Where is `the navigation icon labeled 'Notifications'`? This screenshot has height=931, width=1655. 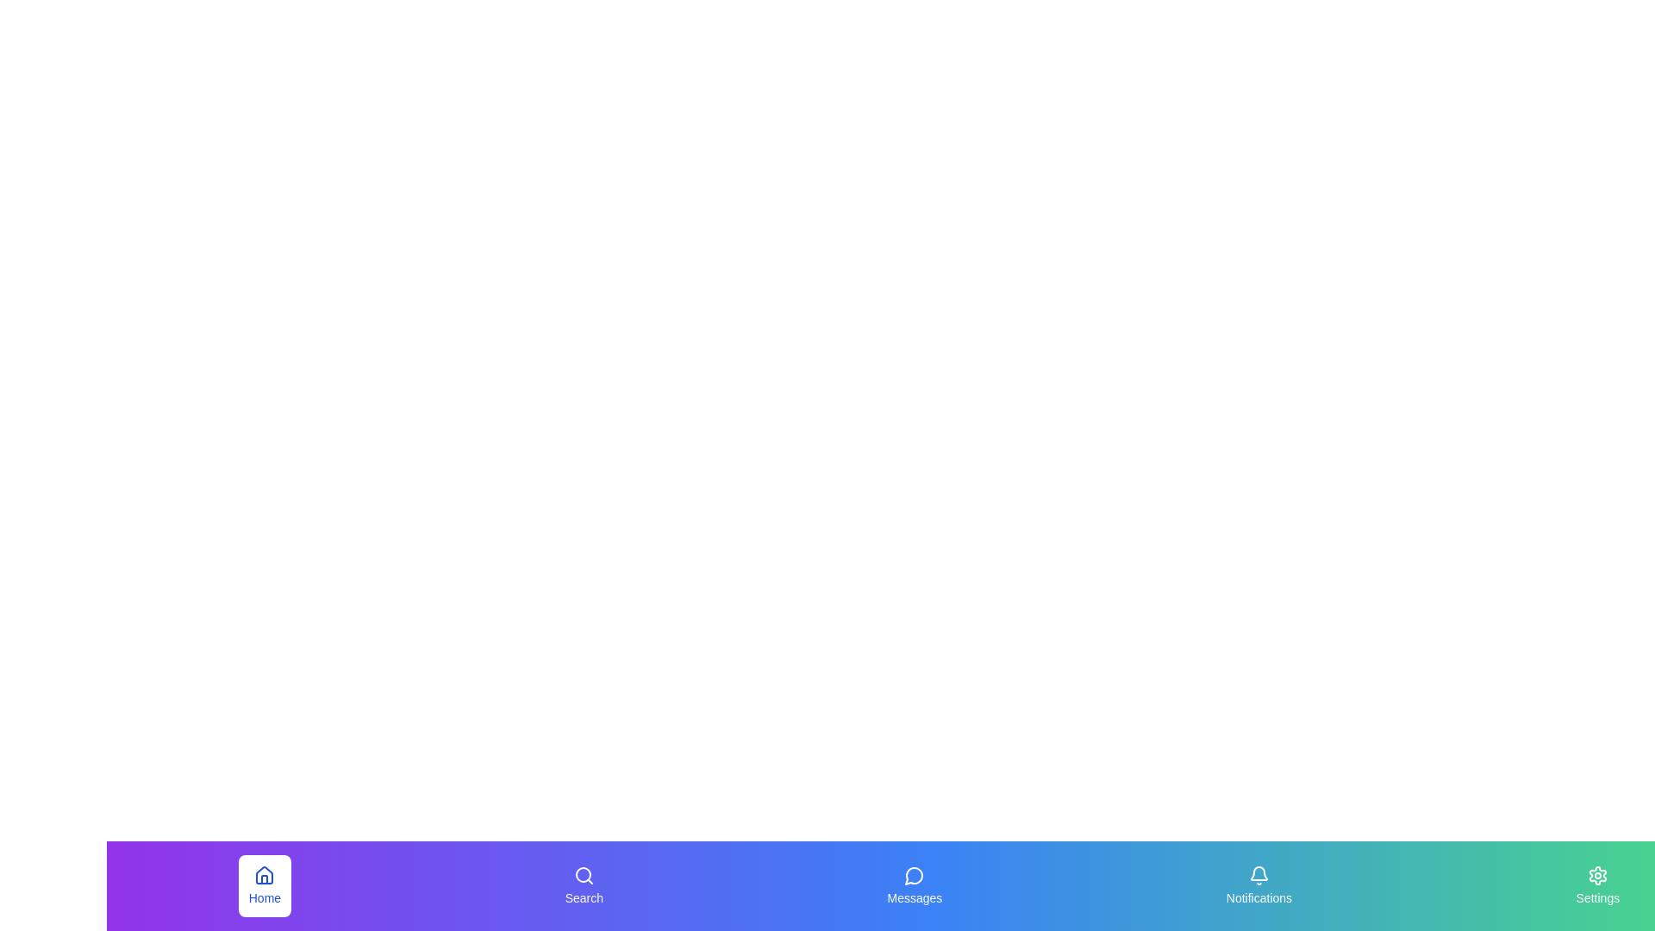
the navigation icon labeled 'Notifications' is located at coordinates (1258, 886).